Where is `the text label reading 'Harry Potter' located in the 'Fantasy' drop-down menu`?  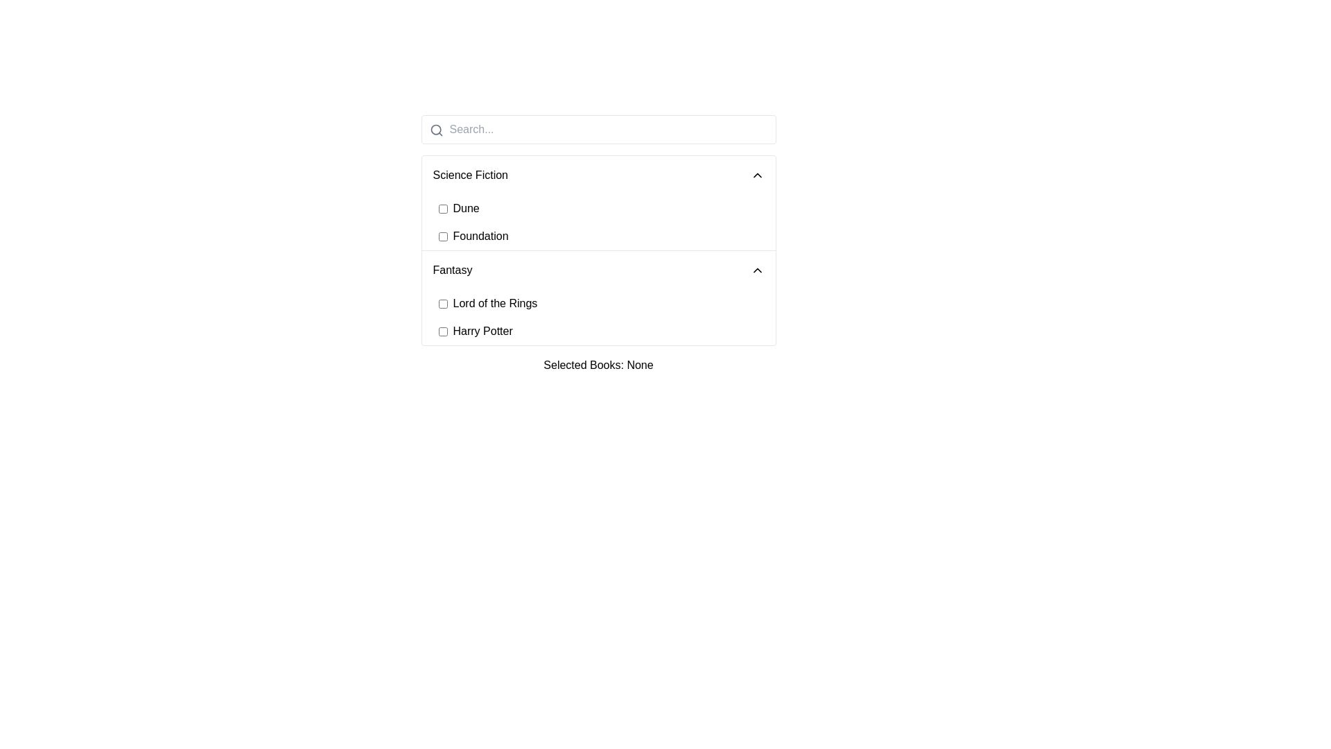 the text label reading 'Harry Potter' located in the 'Fantasy' drop-down menu is located at coordinates (482, 332).